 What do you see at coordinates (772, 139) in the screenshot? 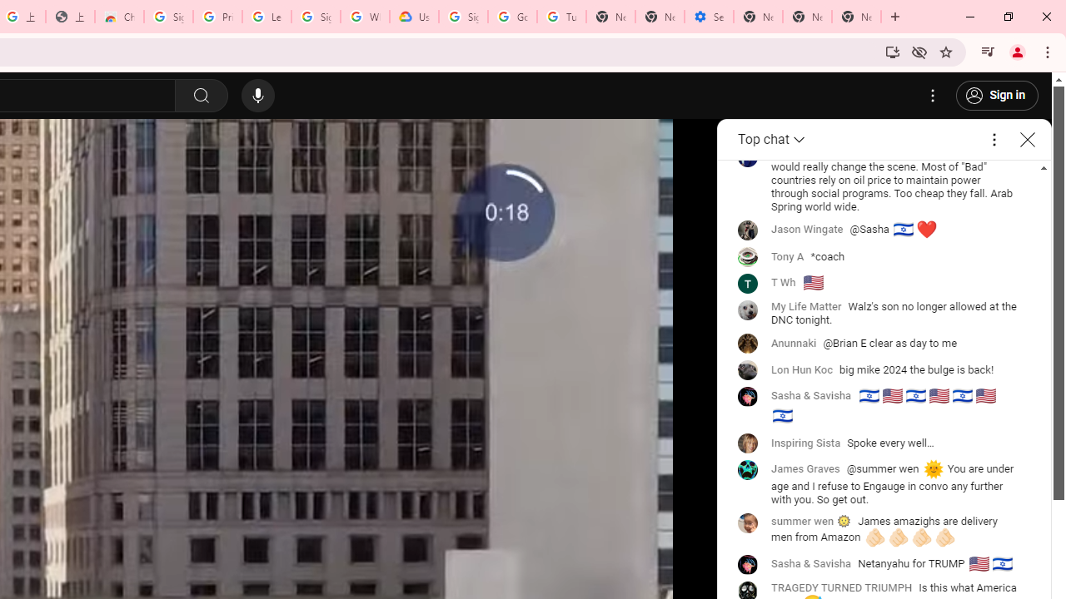
I see `'Live Chat mode selection'` at bounding box center [772, 139].